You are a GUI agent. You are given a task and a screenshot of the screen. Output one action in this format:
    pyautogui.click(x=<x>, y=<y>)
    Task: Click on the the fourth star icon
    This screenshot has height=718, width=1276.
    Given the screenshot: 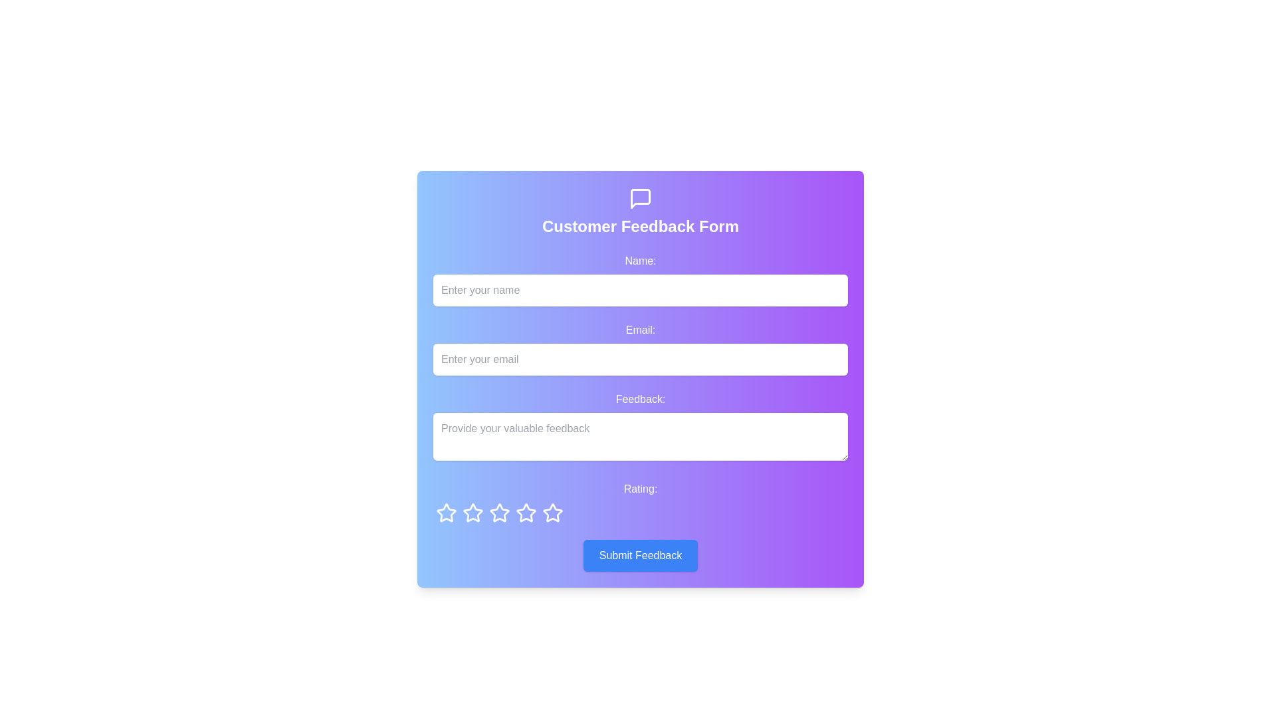 What is the action you would take?
    pyautogui.click(x=499, y=512)
    